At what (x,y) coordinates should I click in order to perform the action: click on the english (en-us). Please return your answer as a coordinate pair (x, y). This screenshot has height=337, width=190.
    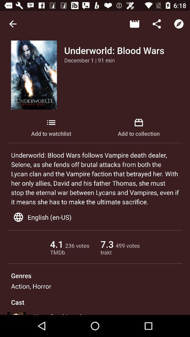
    Looking at the image, I should click on (95, 217).